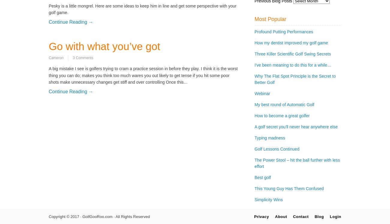  Describe the element at coordinates (48, 46) in the screenshot. I see `'Go with what you’ve got'` at that location.